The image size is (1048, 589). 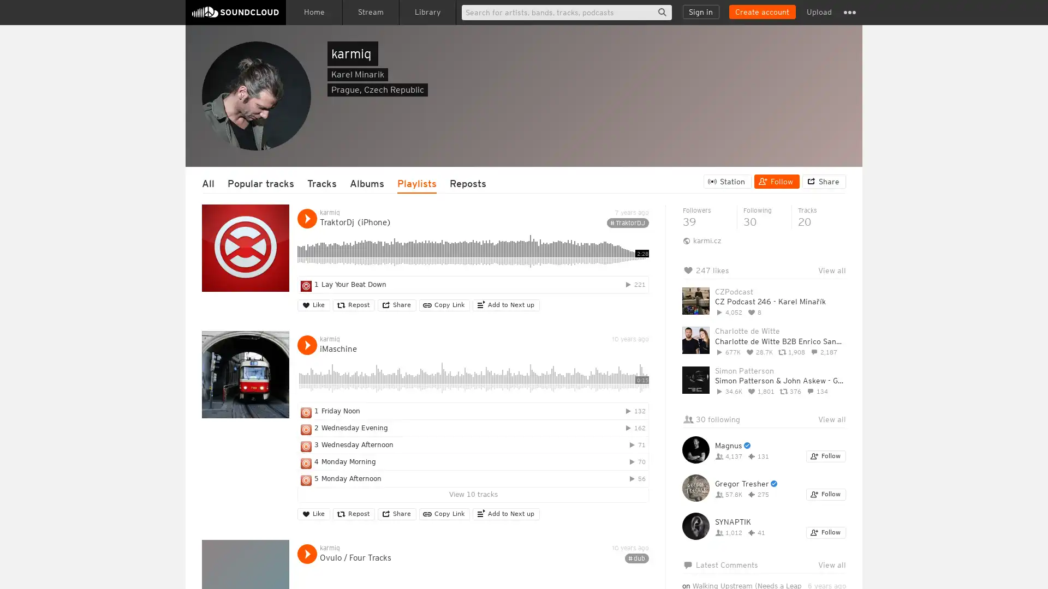 I want to click on Follow, so click(x=826, y=456).